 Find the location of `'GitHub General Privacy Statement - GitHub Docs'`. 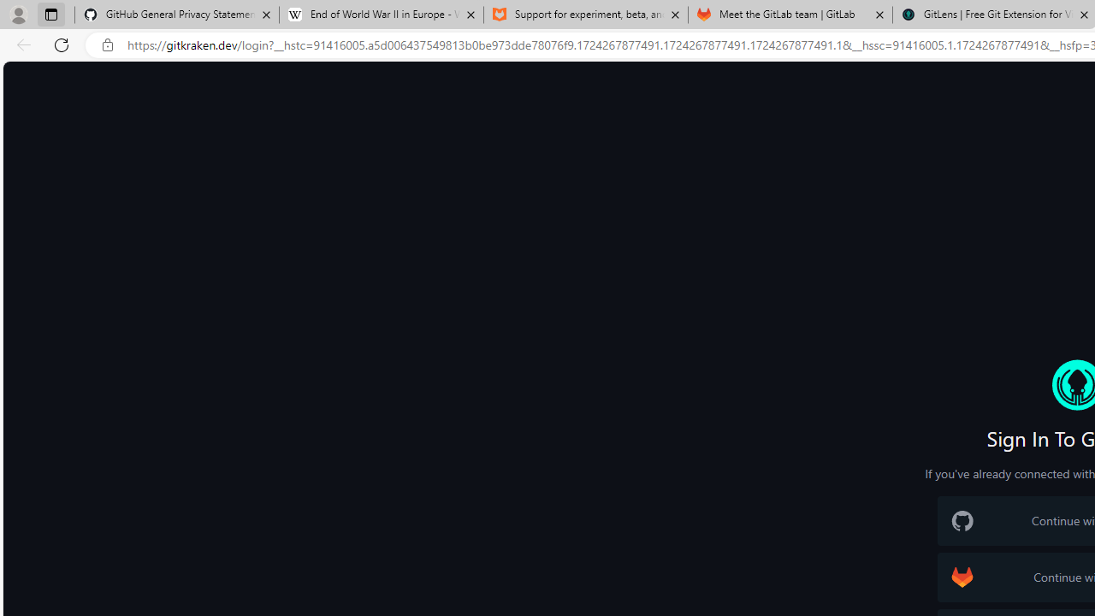

'GitHub General Privacy Statement - GitHub Docs' is located at coordinates (177, 15).